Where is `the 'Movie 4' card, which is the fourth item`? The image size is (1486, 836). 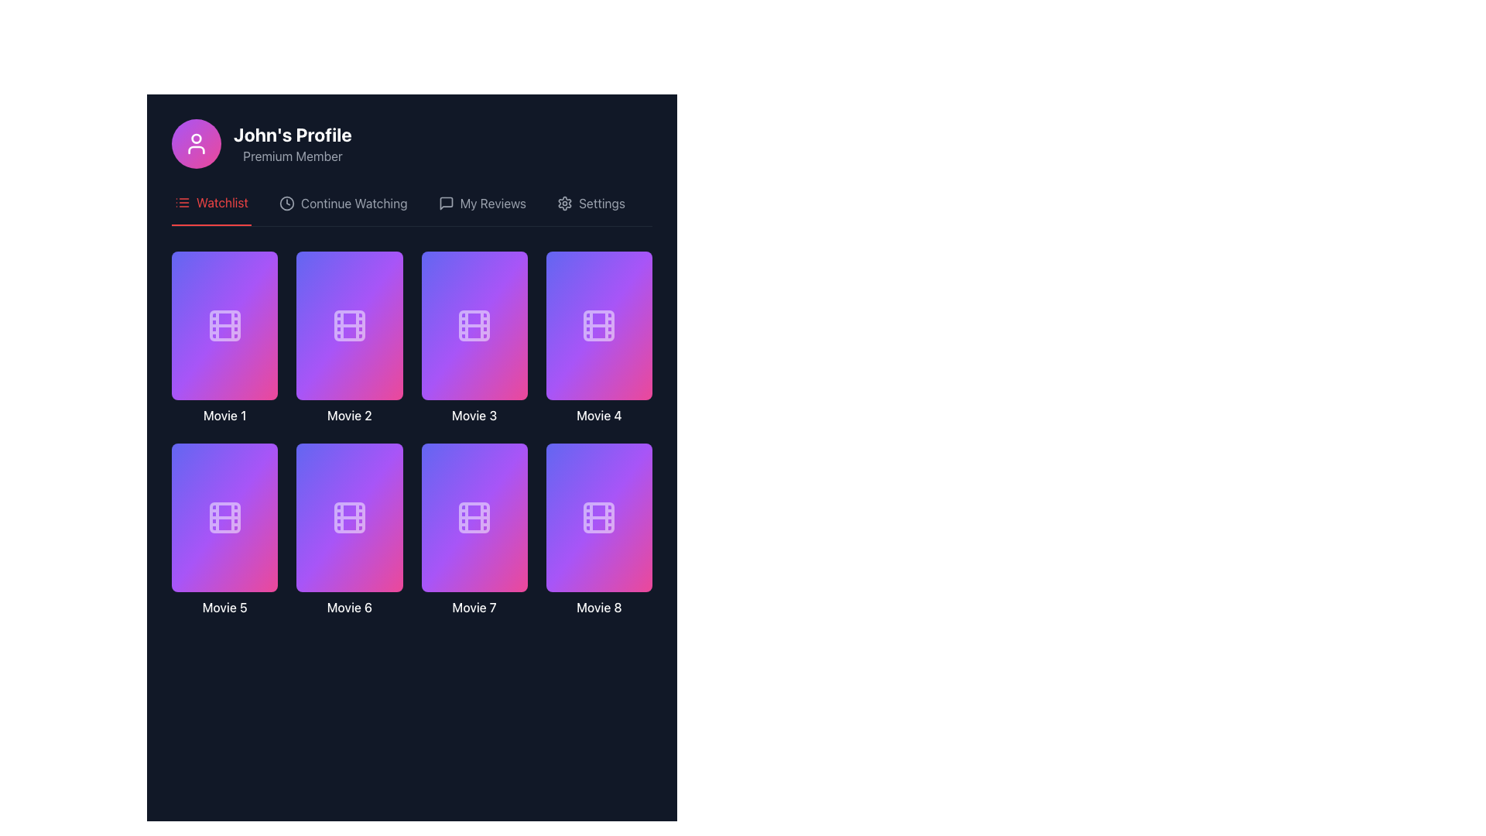
the 'Movie 4' card, which is the fourth item is located at coordinates (598, 324).